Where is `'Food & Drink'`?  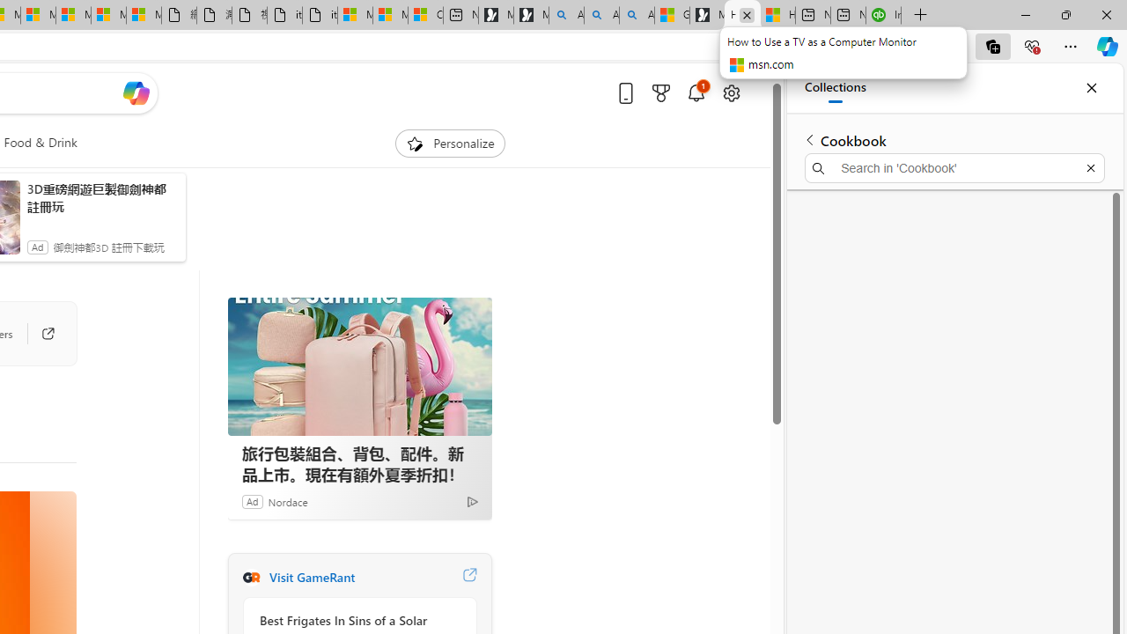 'Food & Drink' is located at coordinates (41, 143).